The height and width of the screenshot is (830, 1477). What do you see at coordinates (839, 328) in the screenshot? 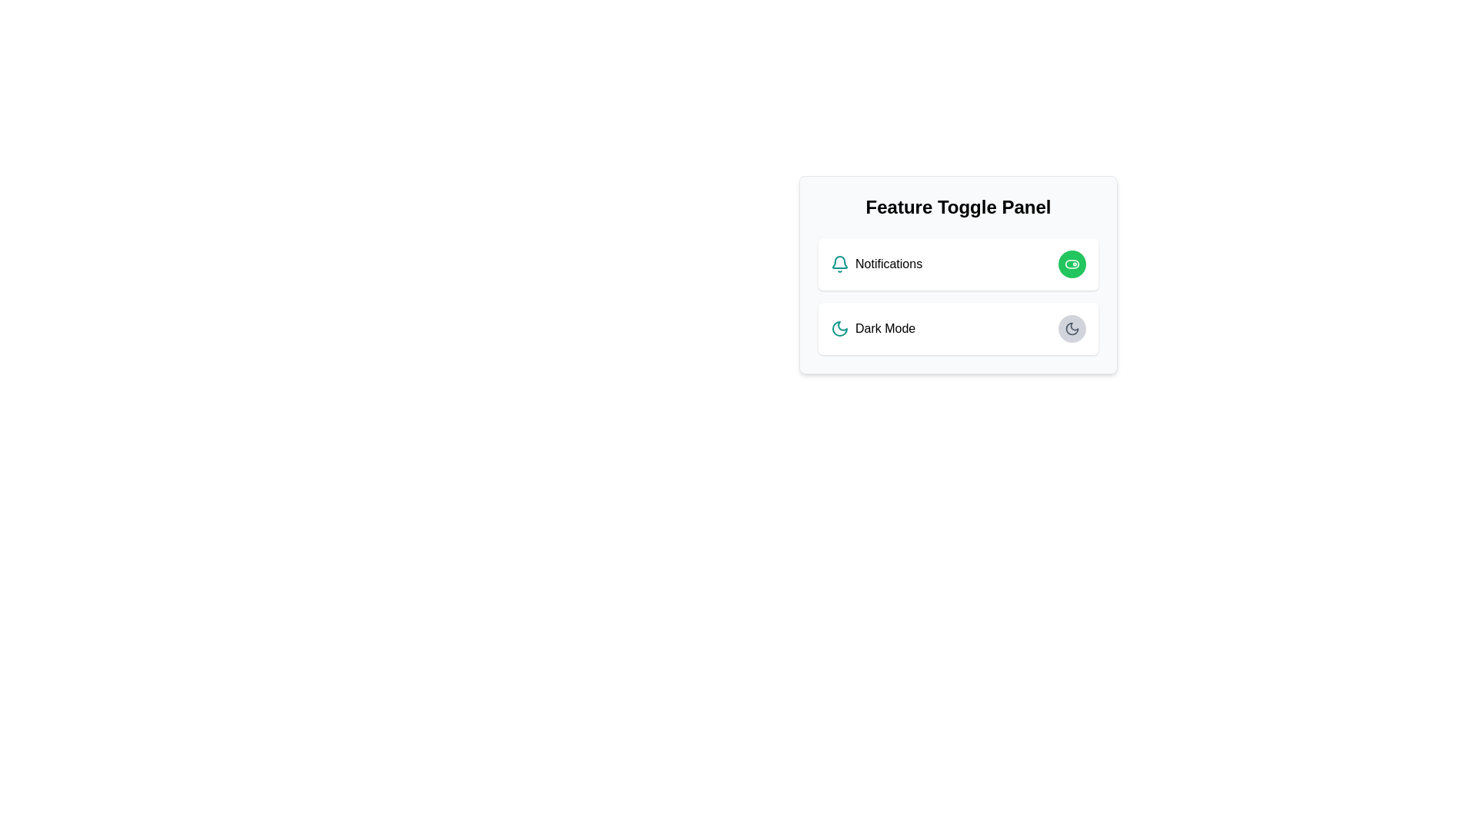
I see `the moon-shaped teal icon for toggling dark mode, located` at bounding box center [839, 328].